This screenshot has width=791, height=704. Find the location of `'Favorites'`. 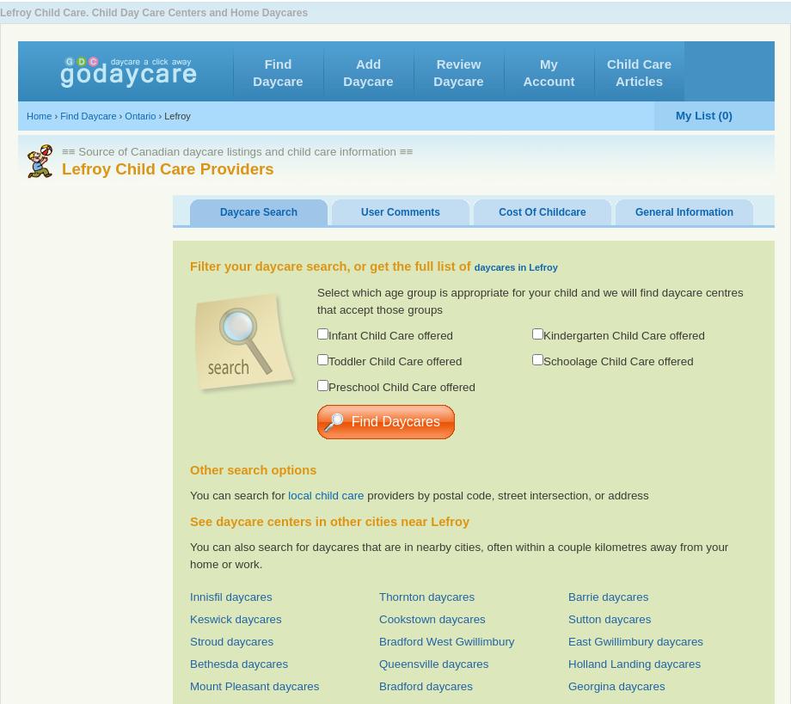

'Favorites' is located at coordinates (85, 63).